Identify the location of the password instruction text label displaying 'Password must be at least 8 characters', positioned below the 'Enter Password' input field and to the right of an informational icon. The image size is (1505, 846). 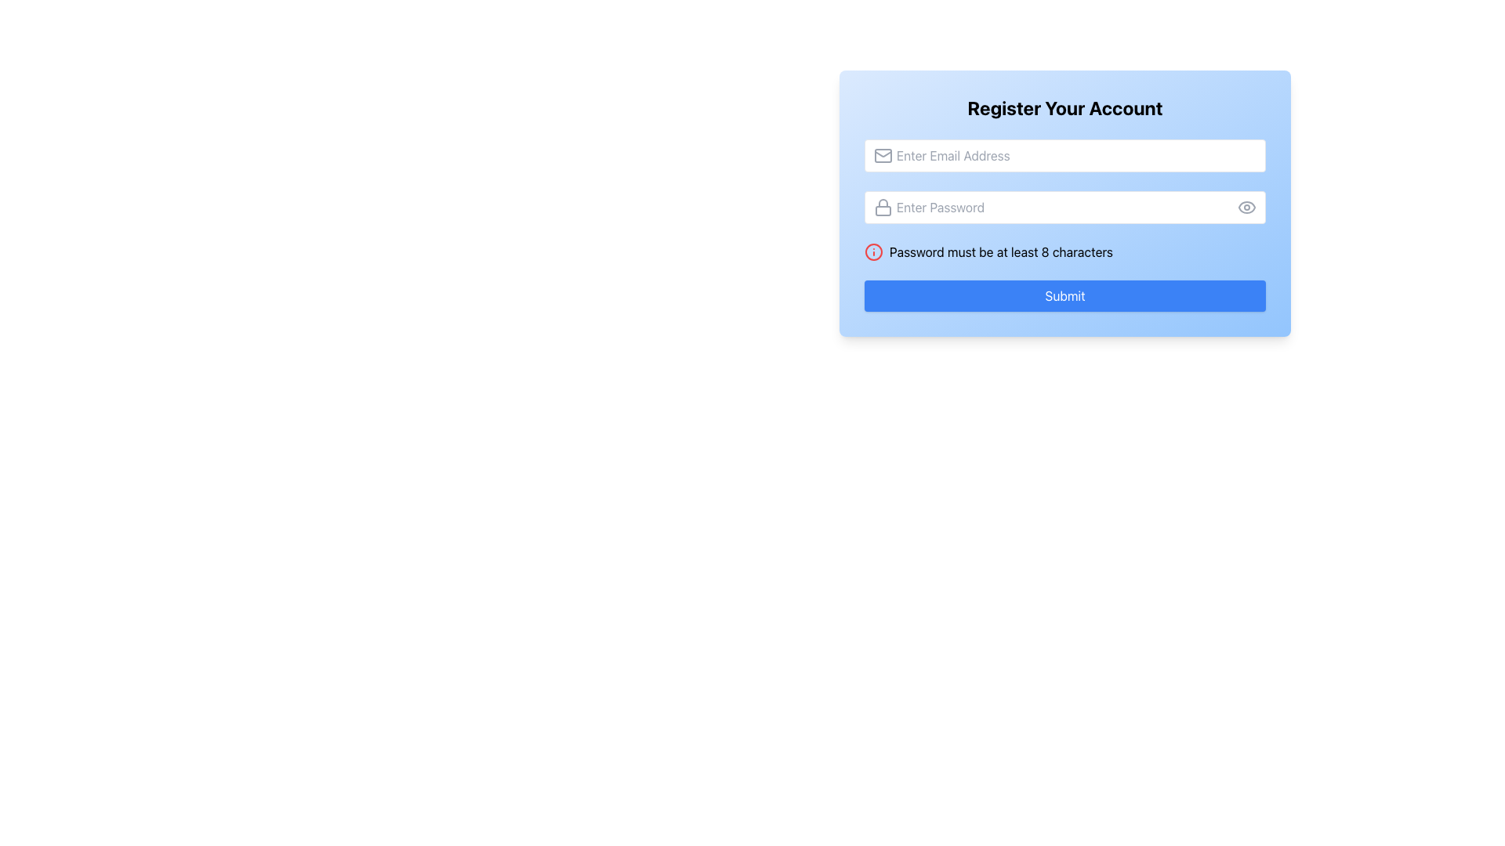
(1000, 251).